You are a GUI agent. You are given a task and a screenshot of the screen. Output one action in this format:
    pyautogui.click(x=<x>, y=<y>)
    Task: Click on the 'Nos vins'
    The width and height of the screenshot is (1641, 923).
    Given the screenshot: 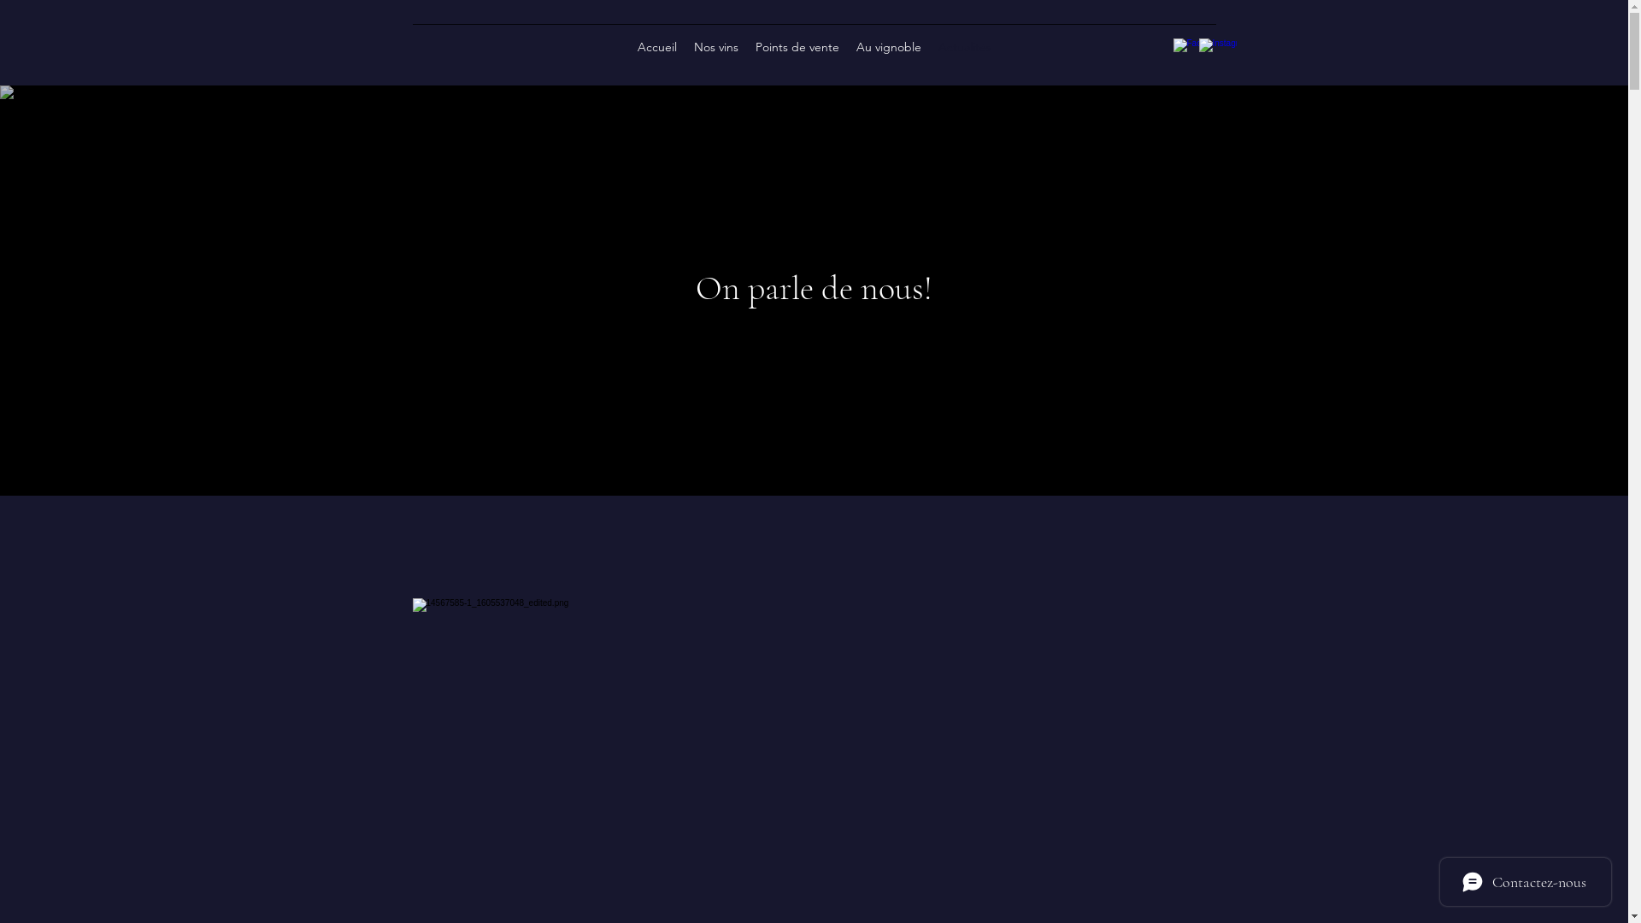 What is the action you would take?
    pyautogui.click(x=716, y=45)
    